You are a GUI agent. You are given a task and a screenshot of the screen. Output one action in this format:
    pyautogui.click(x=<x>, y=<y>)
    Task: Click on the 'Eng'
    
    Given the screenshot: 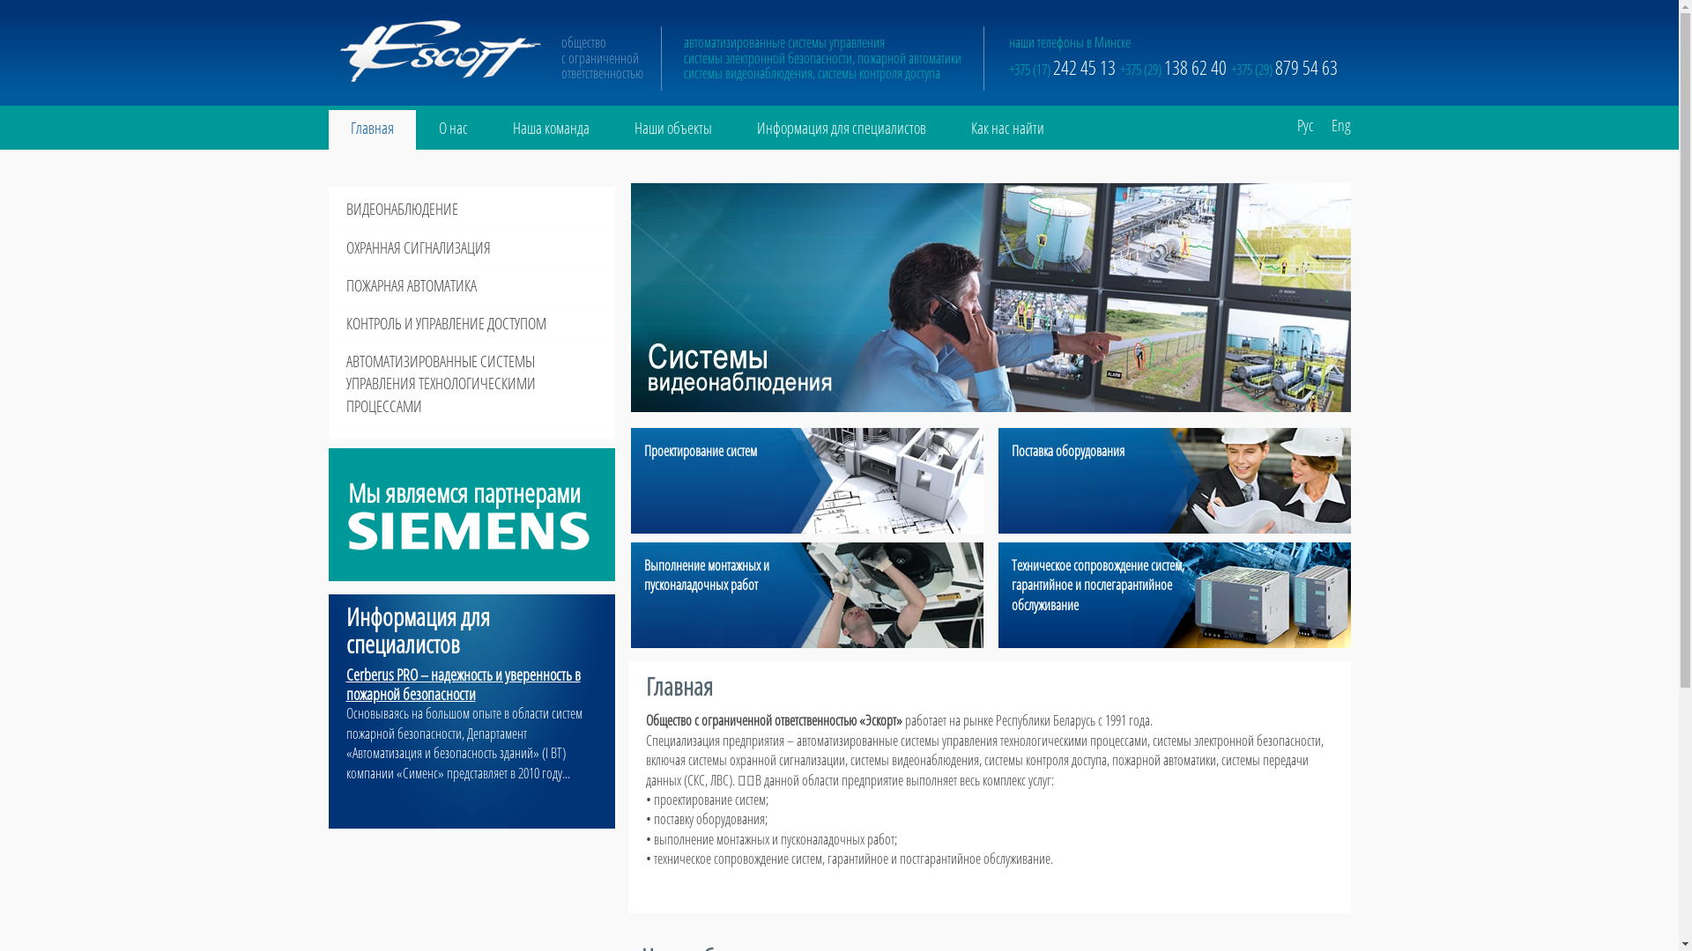 What is the action you would take?
    pyautogui.click(x=1332, y=118)
    